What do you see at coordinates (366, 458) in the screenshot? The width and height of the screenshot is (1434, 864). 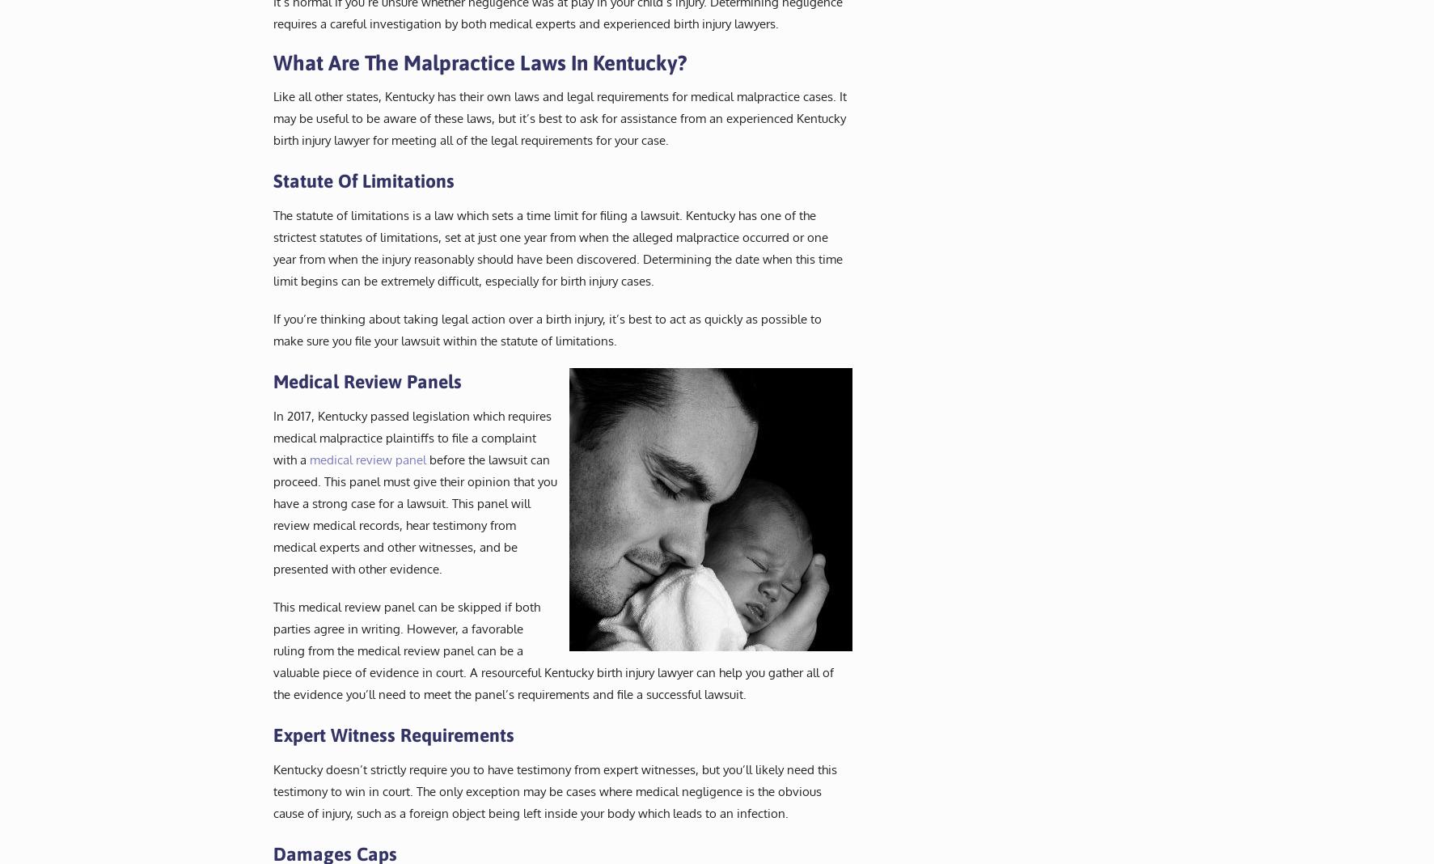 I see `'medical review panel'` at bounding box center [366, 458].